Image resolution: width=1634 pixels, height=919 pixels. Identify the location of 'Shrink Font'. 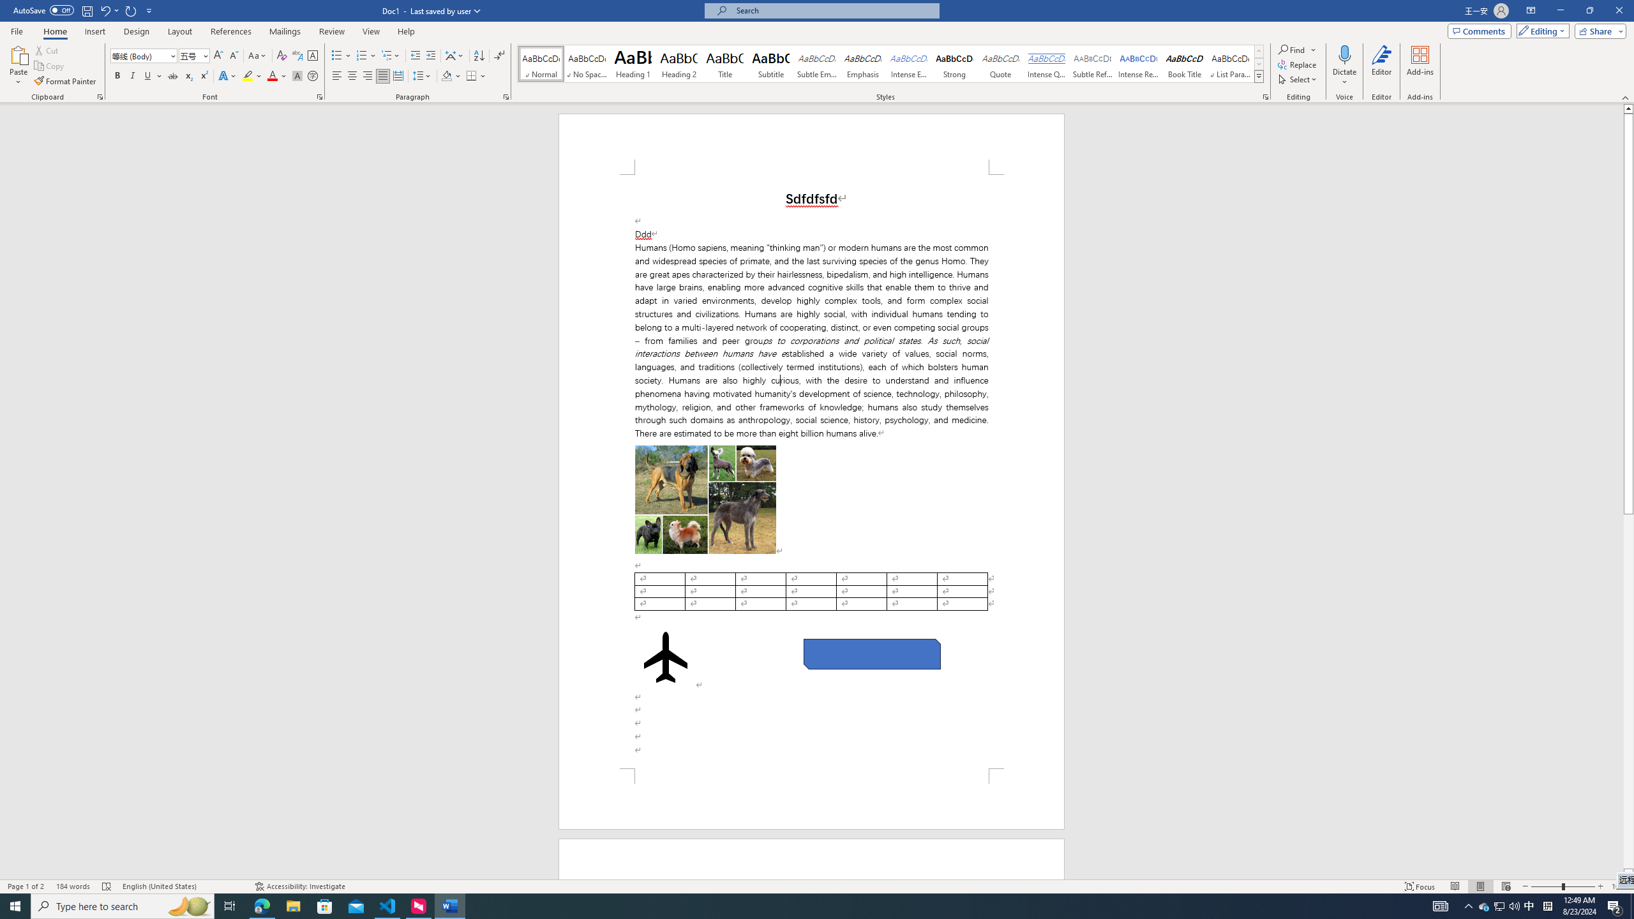
(234, 56).